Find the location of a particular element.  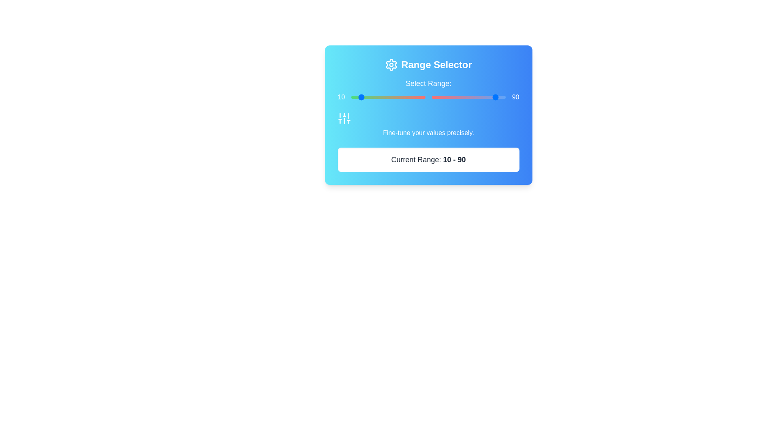

the left range slider to set the starting value to 69 is located at coordinates (402, 97).